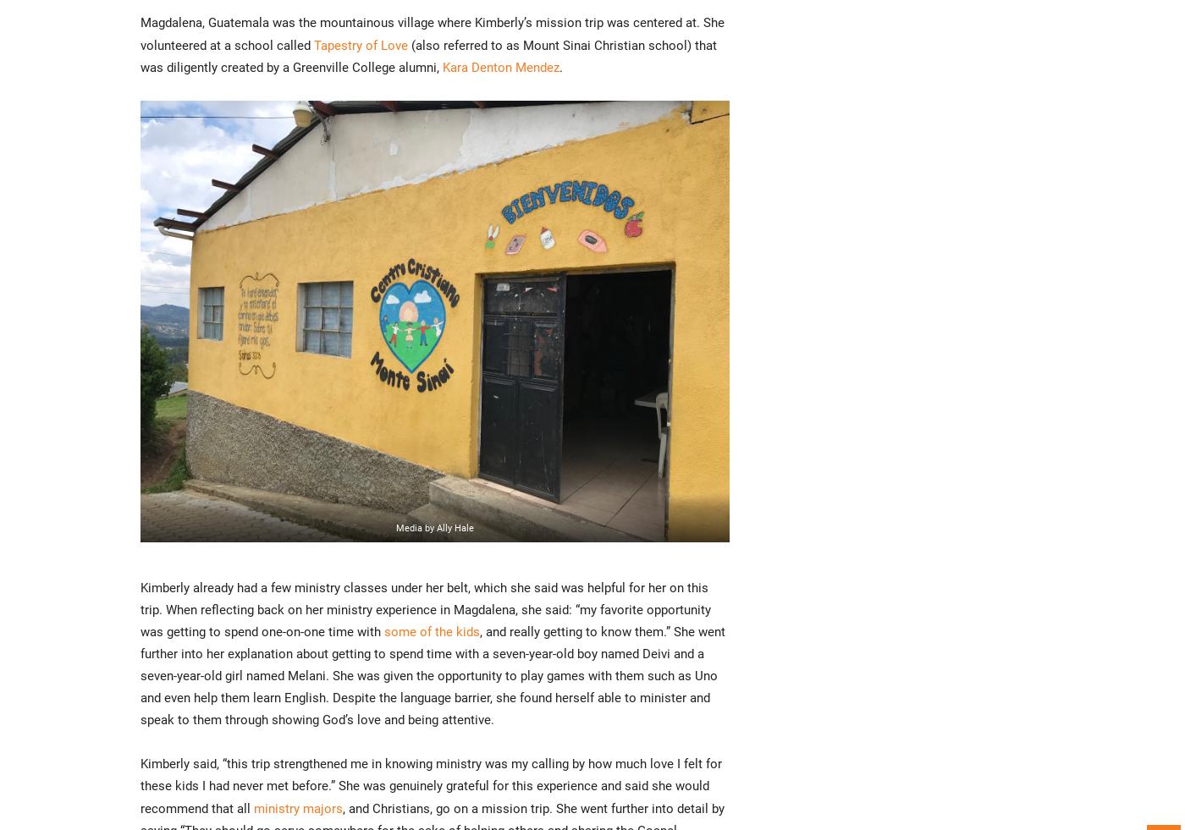 The width and height of the screenshot is (1185, 830). I want to click on 'Kimberly said, “this trip strengthened me in knowing ministry was my calling by how much love I felt for these kids I had never met before.” She was genuinely grateful for this experience and said she would recommend that all', so click(141, 786).